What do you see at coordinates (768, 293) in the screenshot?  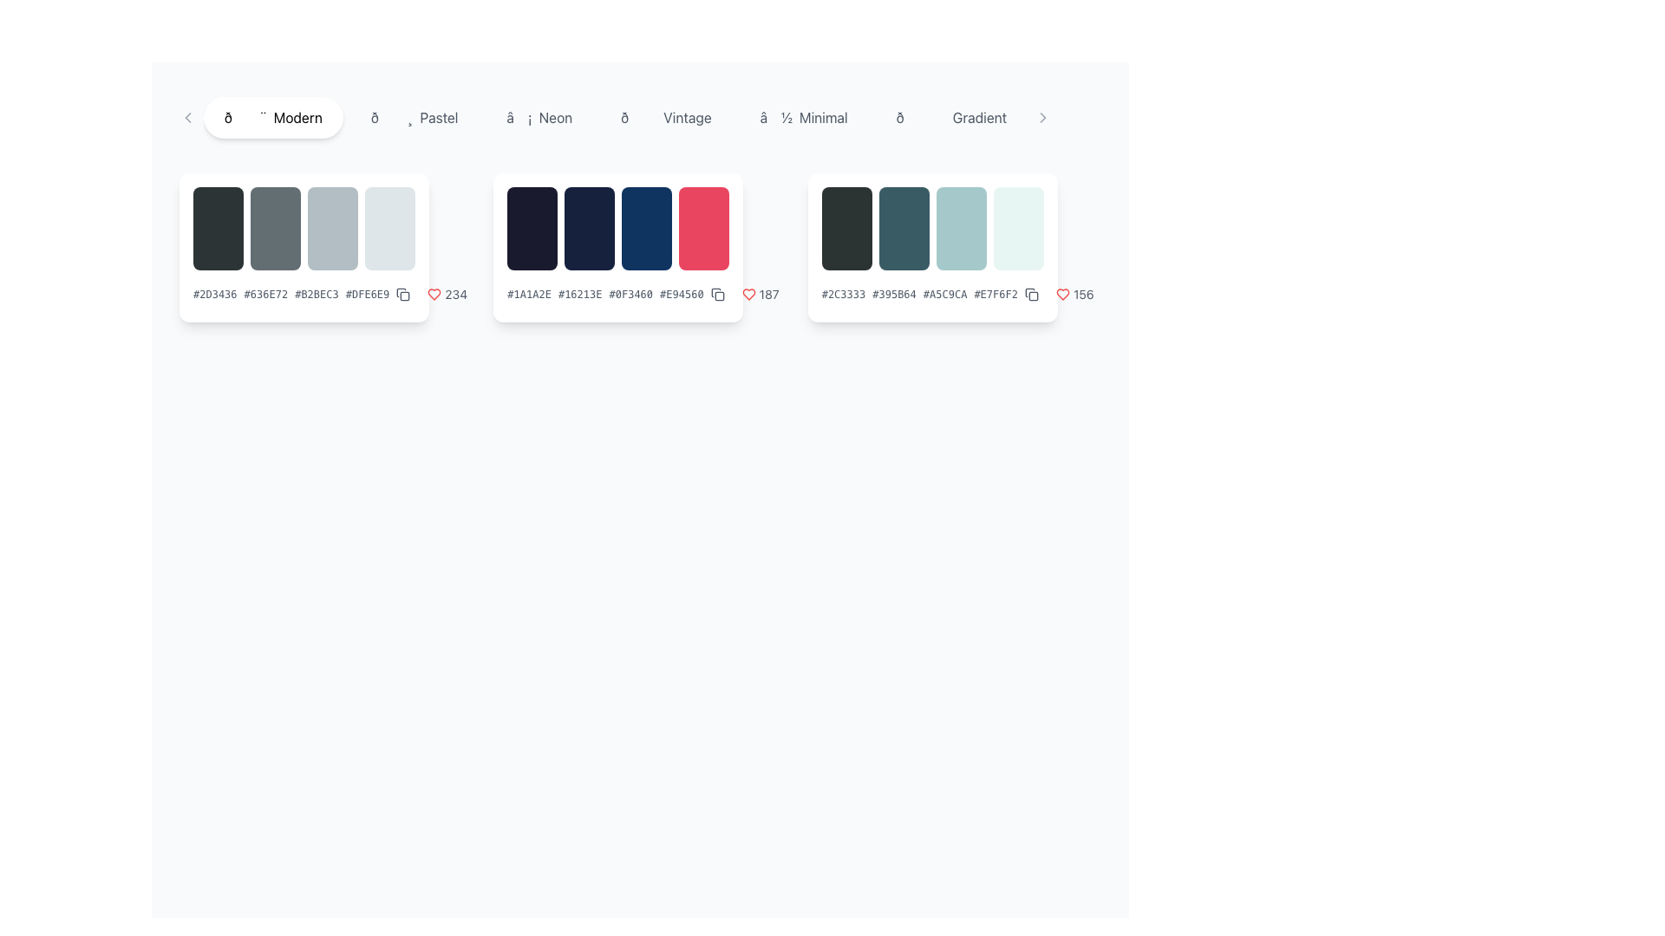 I see `the numerical indicator displaying the value '187', which is styled with black text and positioned to the right of a heart-shaped icon in the third card from the left` at bounding box center [768, 293].